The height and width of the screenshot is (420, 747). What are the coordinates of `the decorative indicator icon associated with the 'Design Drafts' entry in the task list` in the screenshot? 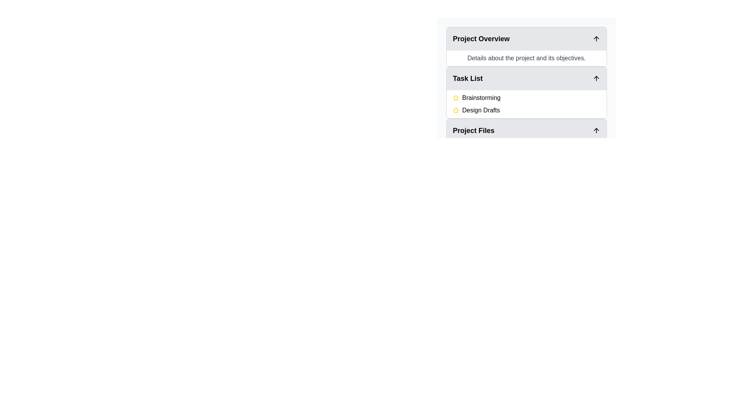 It's located at (456, 97).